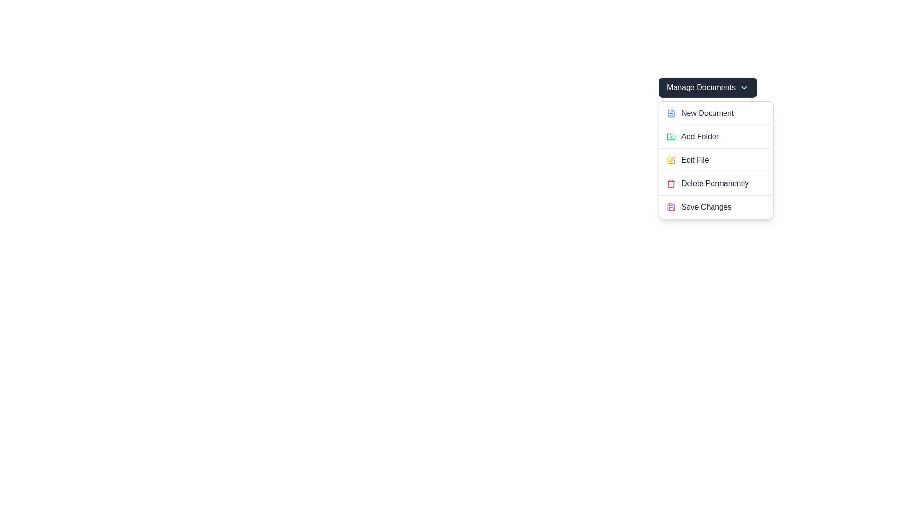 This screenshot has width=920, height=517. Describe the element at coordinates (715, 136) in the screenshot. I see `the 'Add Folder' menu item, which is the second option in the dropdown menu below 'New Document' and above 'Edit File'` at that location.